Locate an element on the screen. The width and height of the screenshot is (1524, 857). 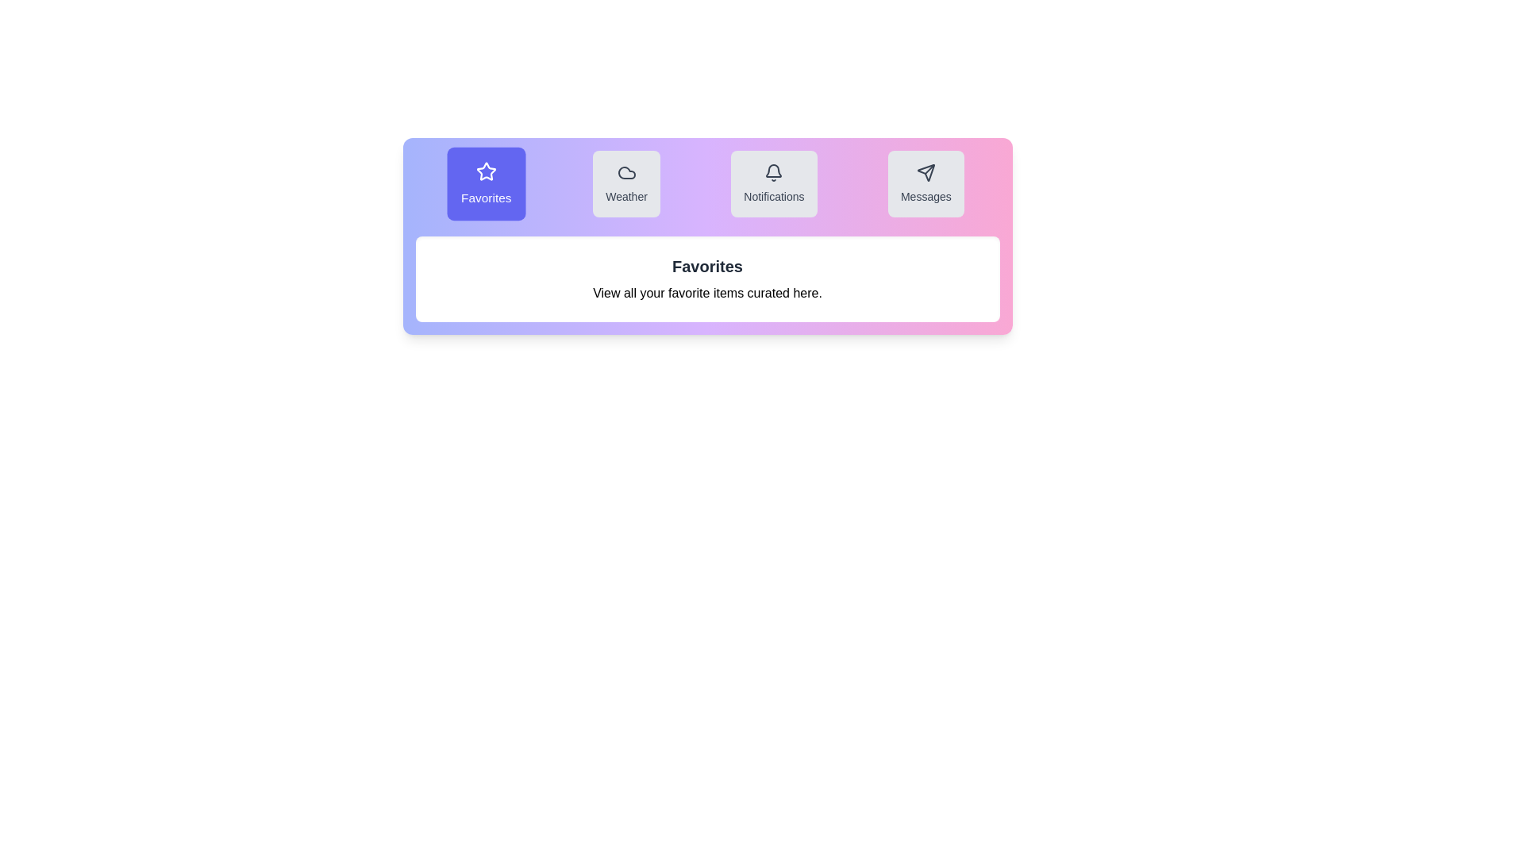
the tab labeled Notifications to switch to its content view is located at coordinates (774, 183).